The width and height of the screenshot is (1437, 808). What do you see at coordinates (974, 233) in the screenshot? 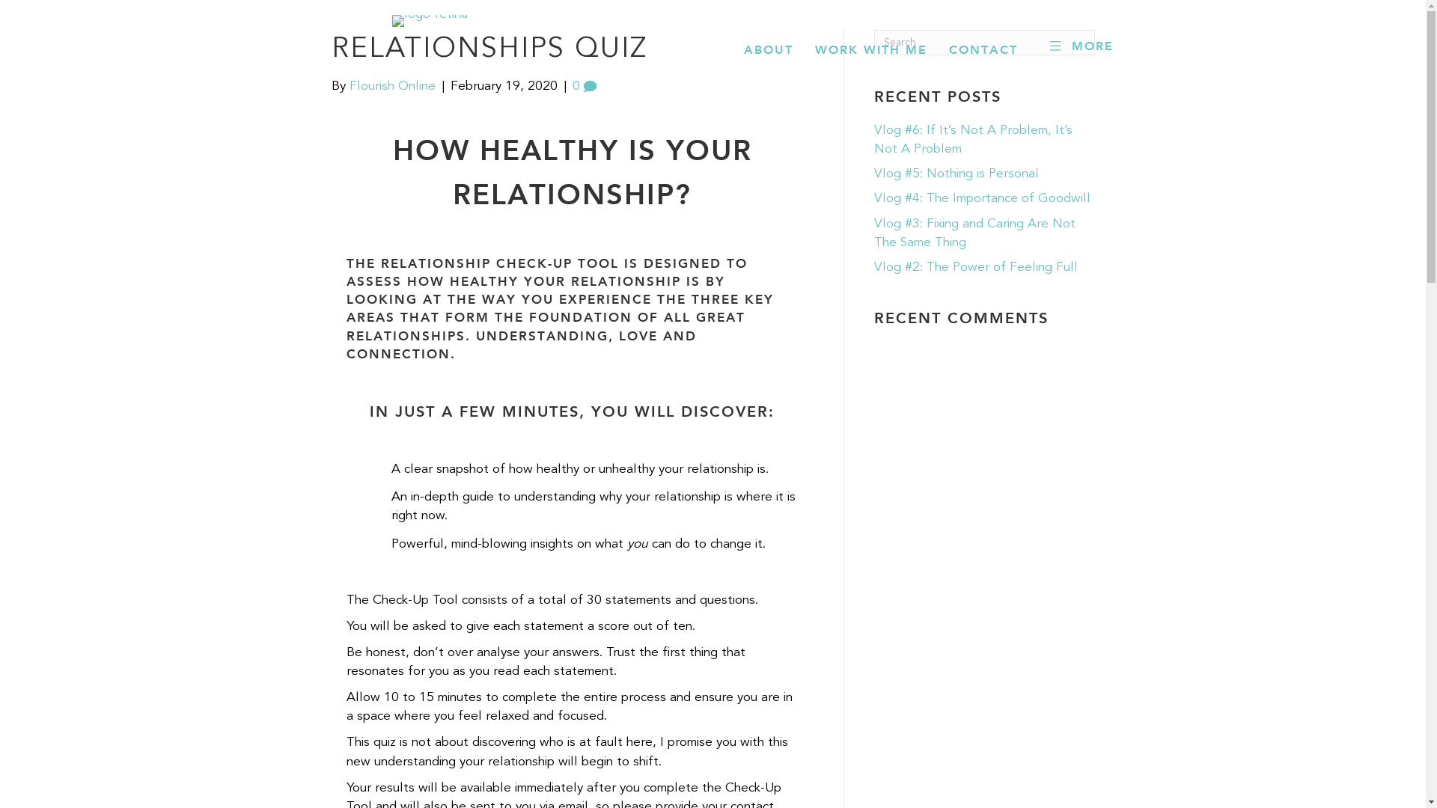
I see `'Vlog #3: Fixing and Caring Are Not The Same Thing'` at bounding box center [974, 233].